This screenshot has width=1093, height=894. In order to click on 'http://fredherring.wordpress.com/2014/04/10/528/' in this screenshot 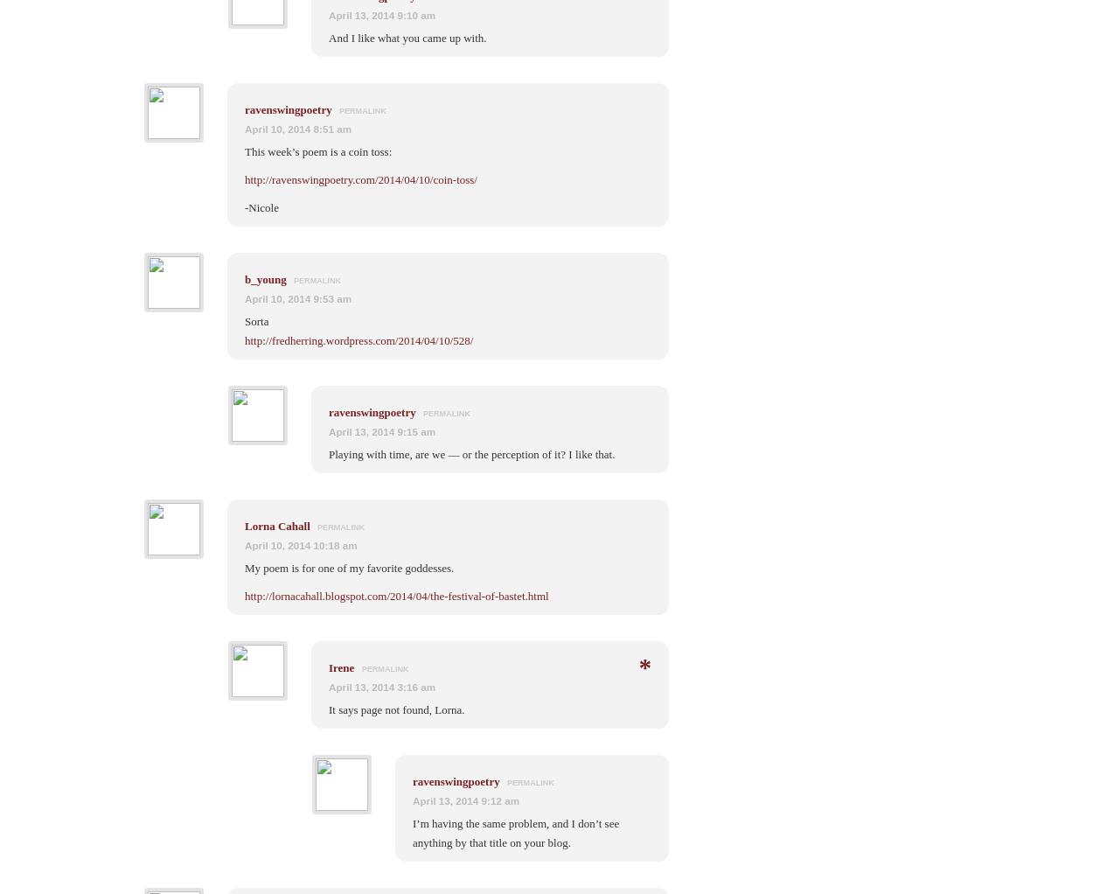, I will do `click(359, 339)`.